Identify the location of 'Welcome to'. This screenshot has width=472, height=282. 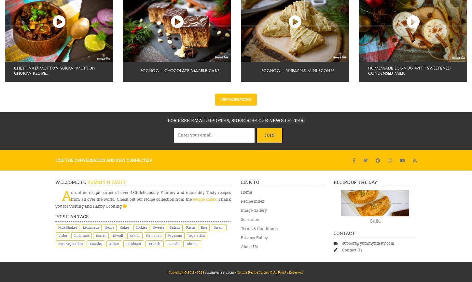
(71, 182).